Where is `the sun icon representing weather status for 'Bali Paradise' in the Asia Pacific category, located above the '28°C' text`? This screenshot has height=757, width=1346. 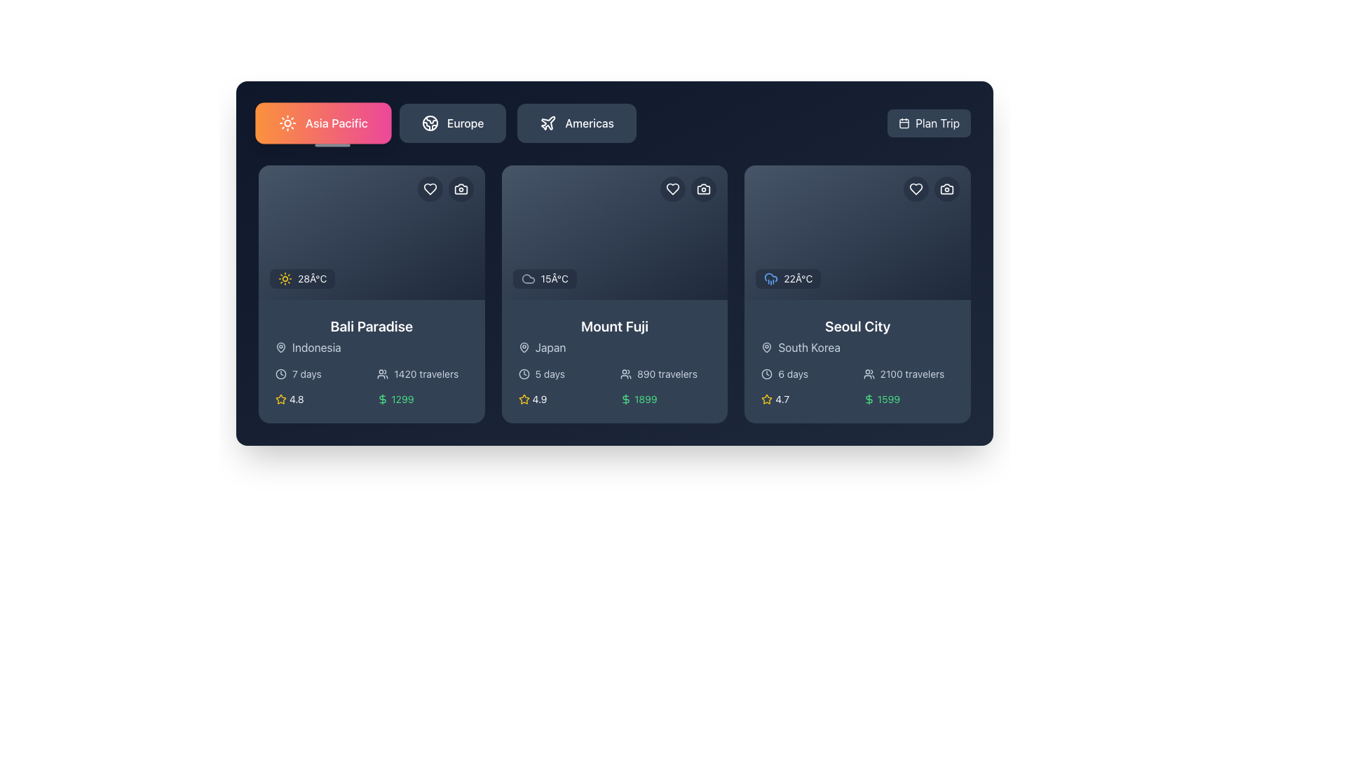
the sun icon representing weather status for 'Bali Paradise' in the Asia Pacific category, located above the '28°C' text is located at coordinates (285, 278).